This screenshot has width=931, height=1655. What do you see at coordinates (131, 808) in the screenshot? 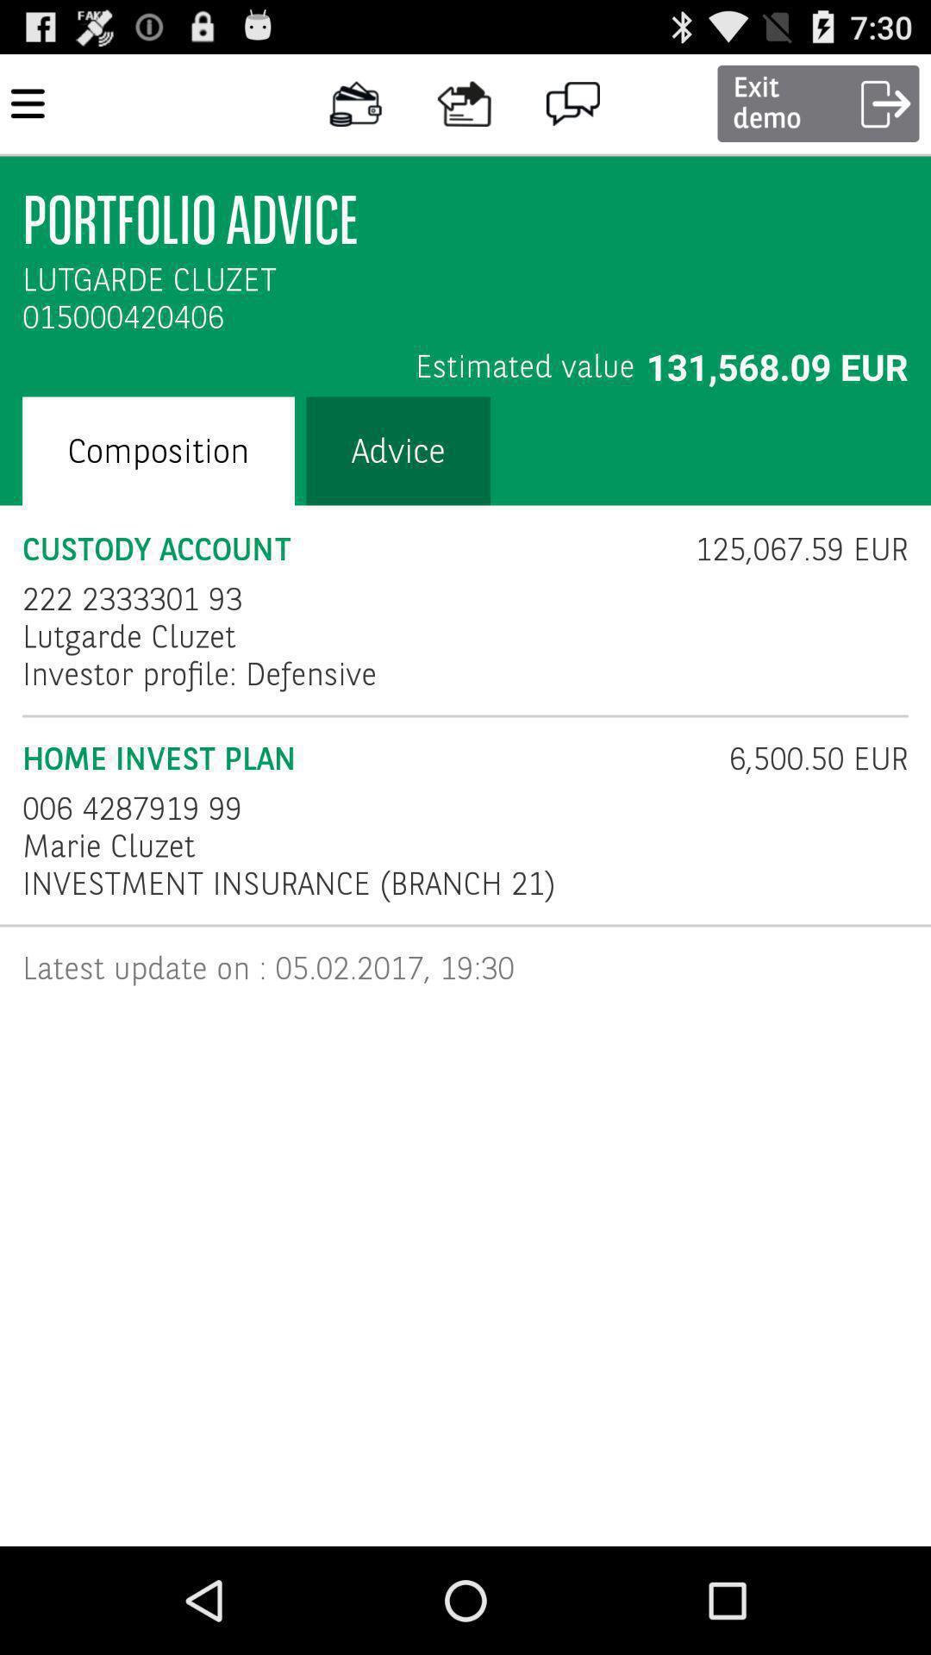
I see `the 006 4287919 99 icon` at bounding box center [131, 808].